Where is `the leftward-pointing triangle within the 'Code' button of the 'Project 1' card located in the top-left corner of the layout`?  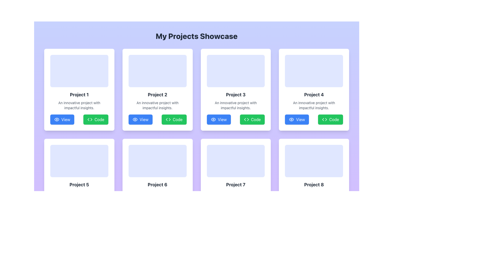 the leftward-pointing triangle within the 'Code' button of the 'Project 1' card located in the top-left corner of the layout is located at coordinates (88, 120).